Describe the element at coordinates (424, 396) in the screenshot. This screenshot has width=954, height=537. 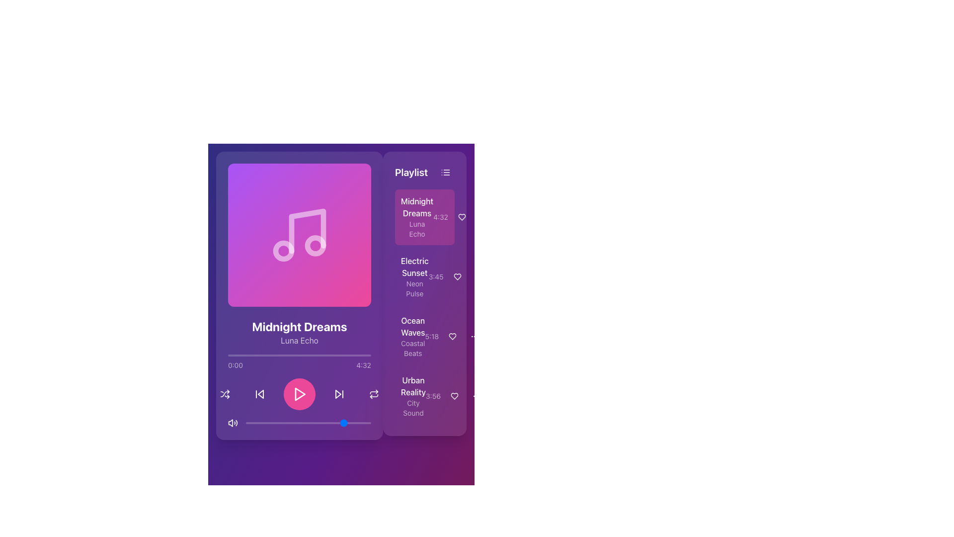
I see `the fourth song item in the playlist titled 'Urban Reality'` at that location.